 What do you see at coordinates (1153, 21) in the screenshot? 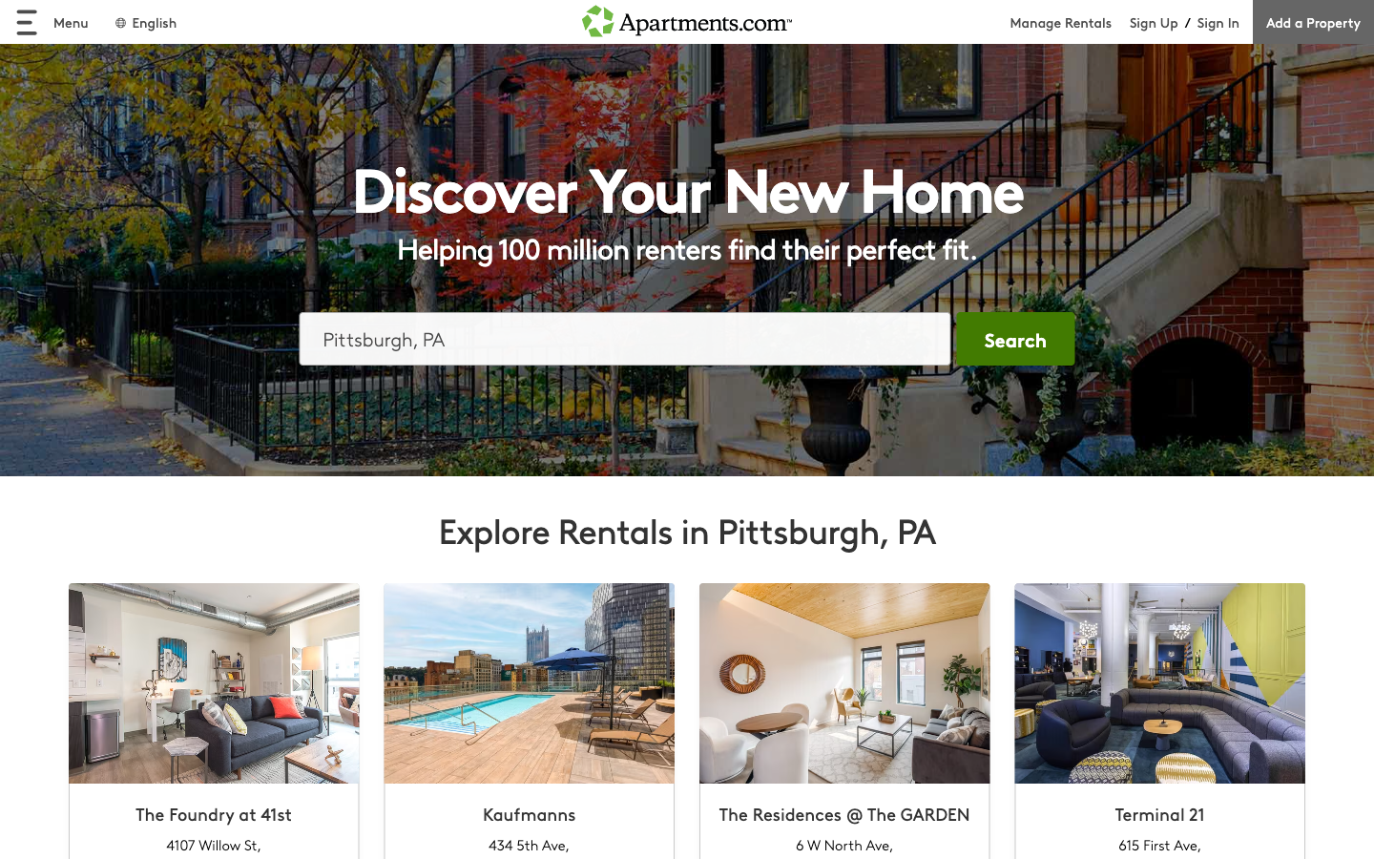
I see `registration initiation` at bounding box center [1153, 21].